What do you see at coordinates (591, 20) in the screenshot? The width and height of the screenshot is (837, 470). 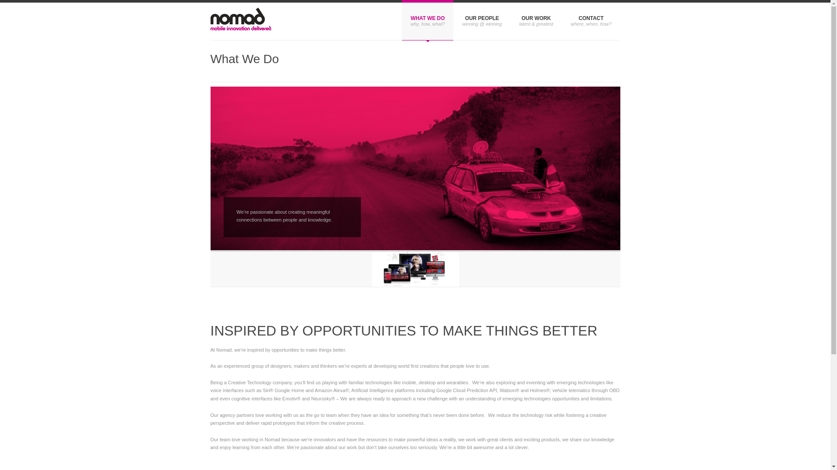 I see `'CONTACT'` at bounding box center [591, 20].